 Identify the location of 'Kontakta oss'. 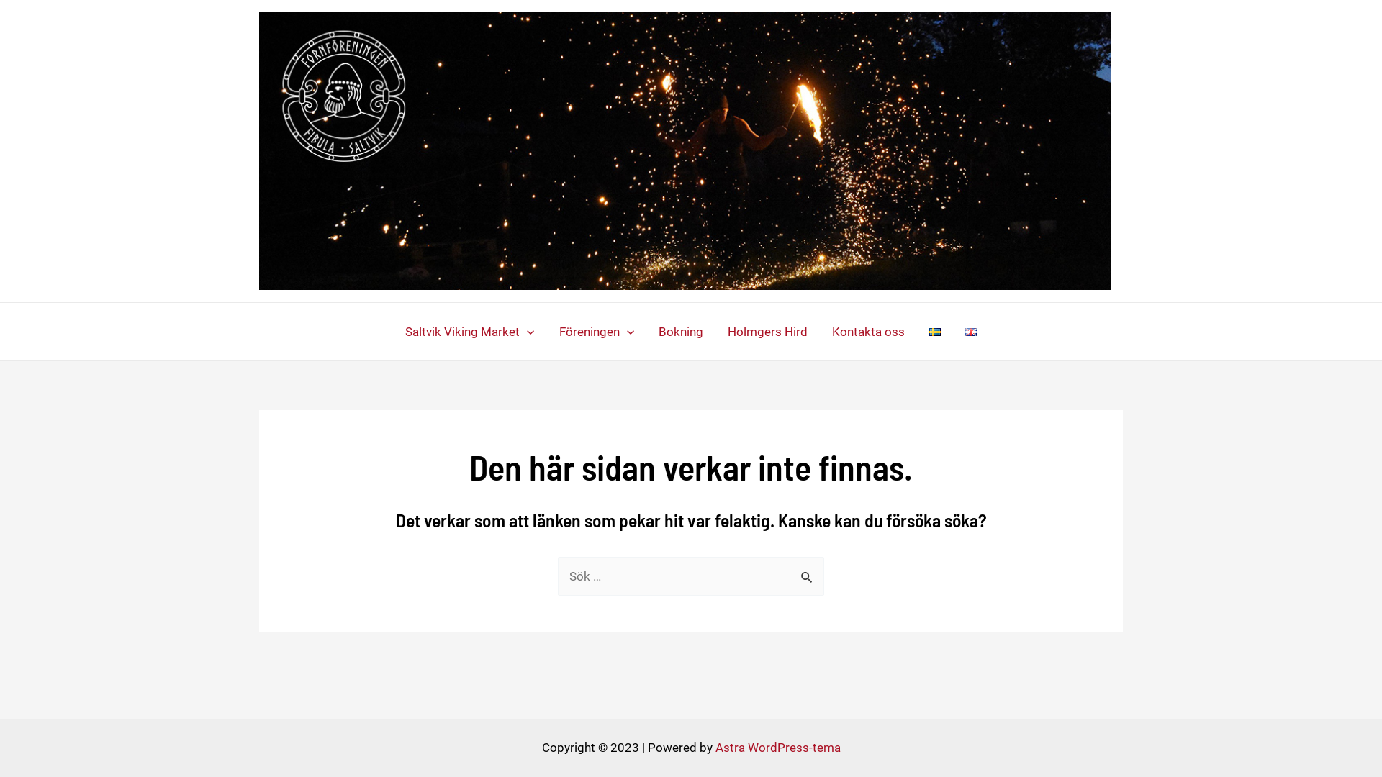
(867, 332).